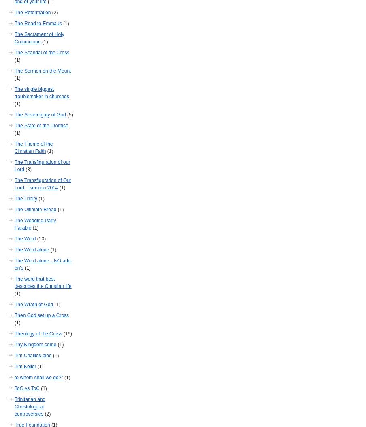 The width and height of the screenshot is (366, 427). What do you see at coordinates (35, 224) in the screenshot?
I see `'The Wedding Party Parable'` at bounding box center [35, 224].